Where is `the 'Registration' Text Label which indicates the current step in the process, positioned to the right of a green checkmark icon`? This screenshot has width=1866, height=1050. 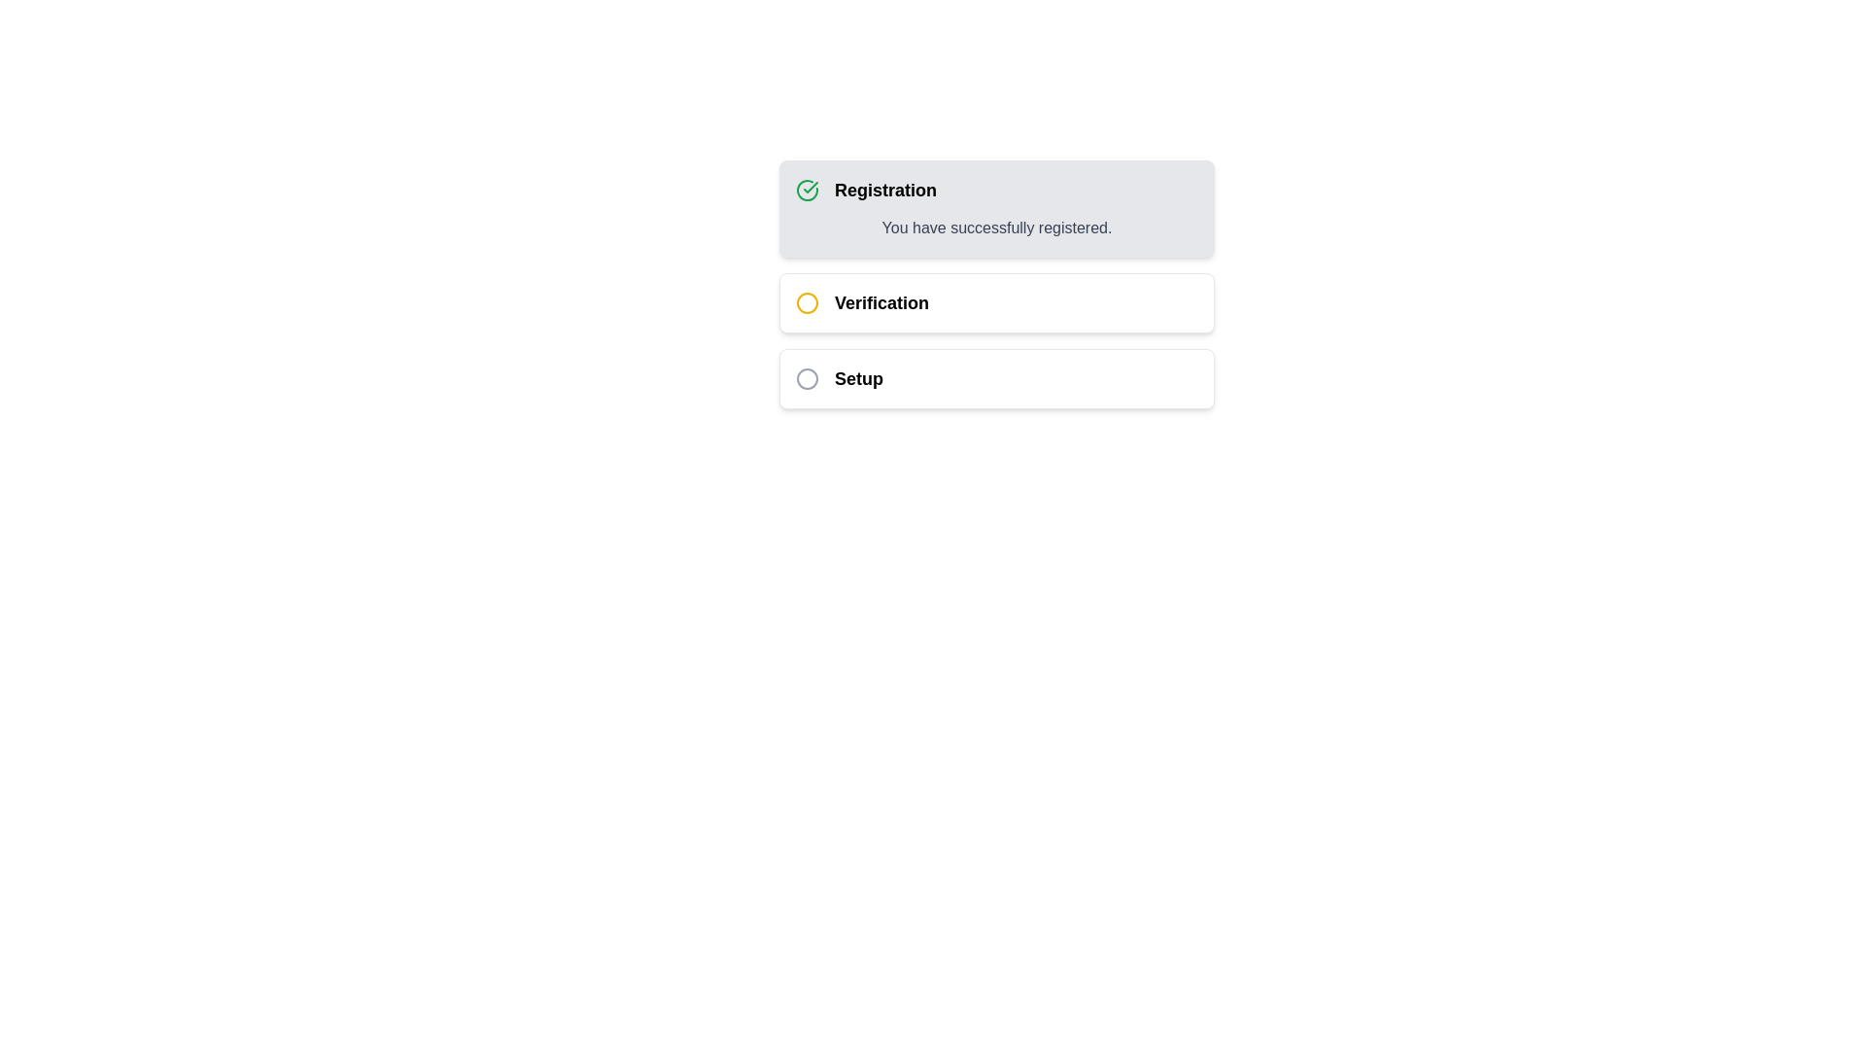 the 'Registration' Text Label which indicates the current step in the process, positioned to the right of a green checkmark icon is located at coordinates (884, 191).